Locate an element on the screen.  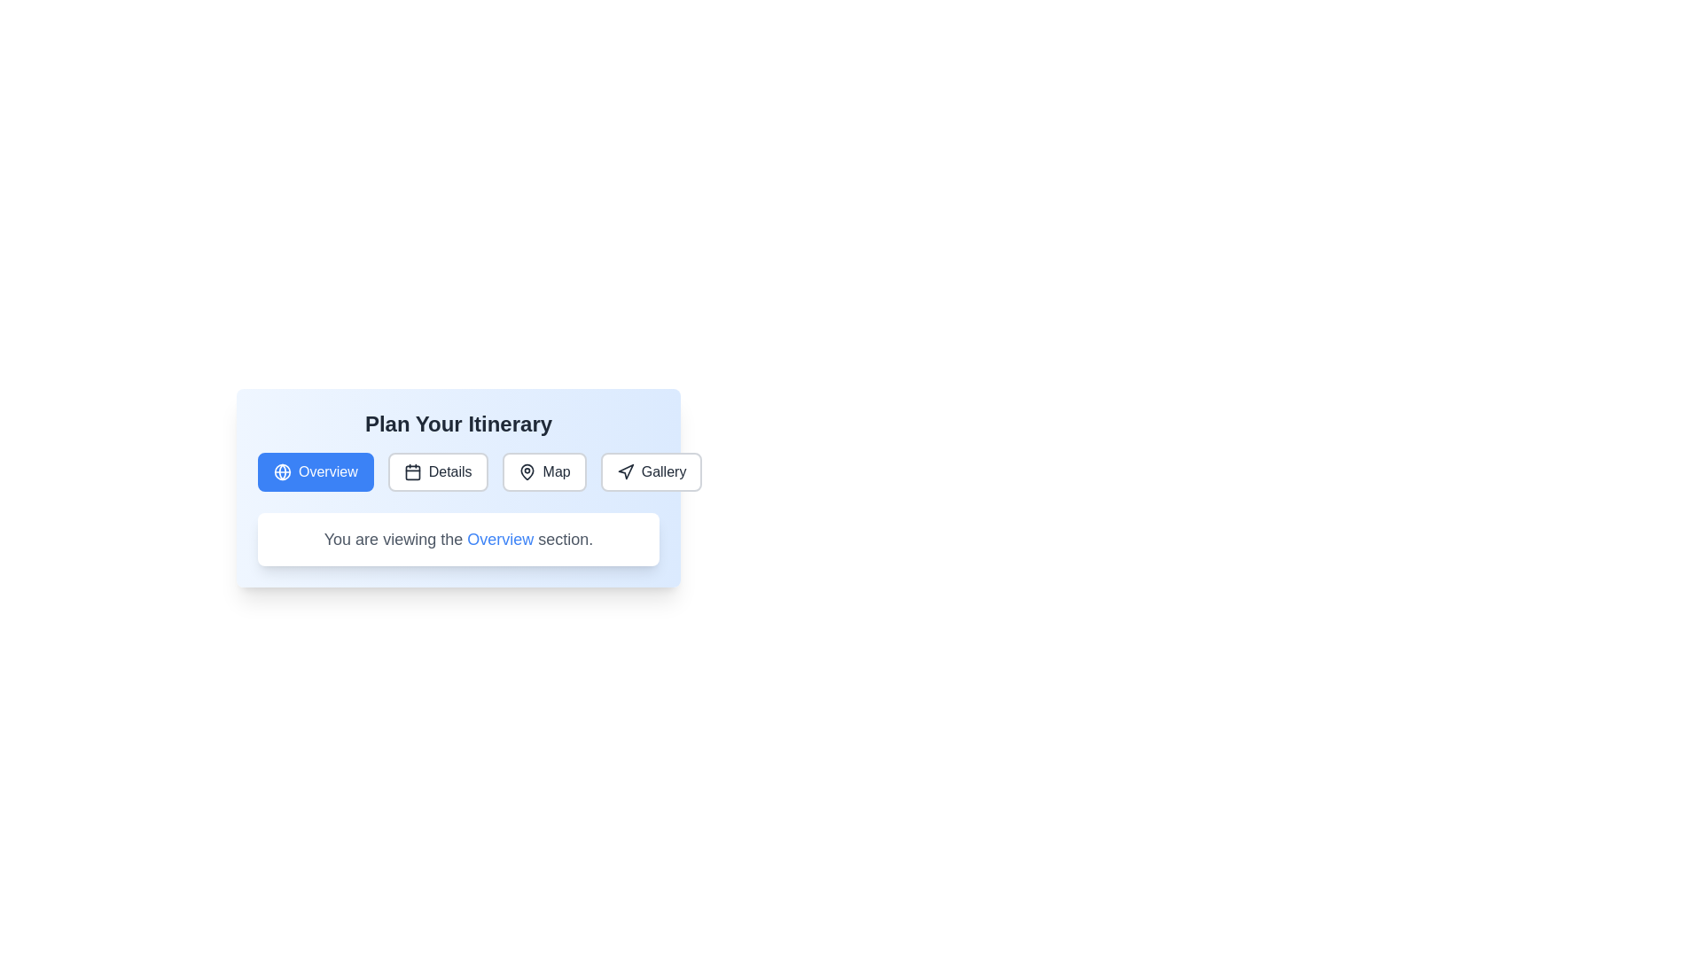
the highlighted date window icon within the calendar icon located in the toolbar section of the interface is located at coordinates (411, 471).